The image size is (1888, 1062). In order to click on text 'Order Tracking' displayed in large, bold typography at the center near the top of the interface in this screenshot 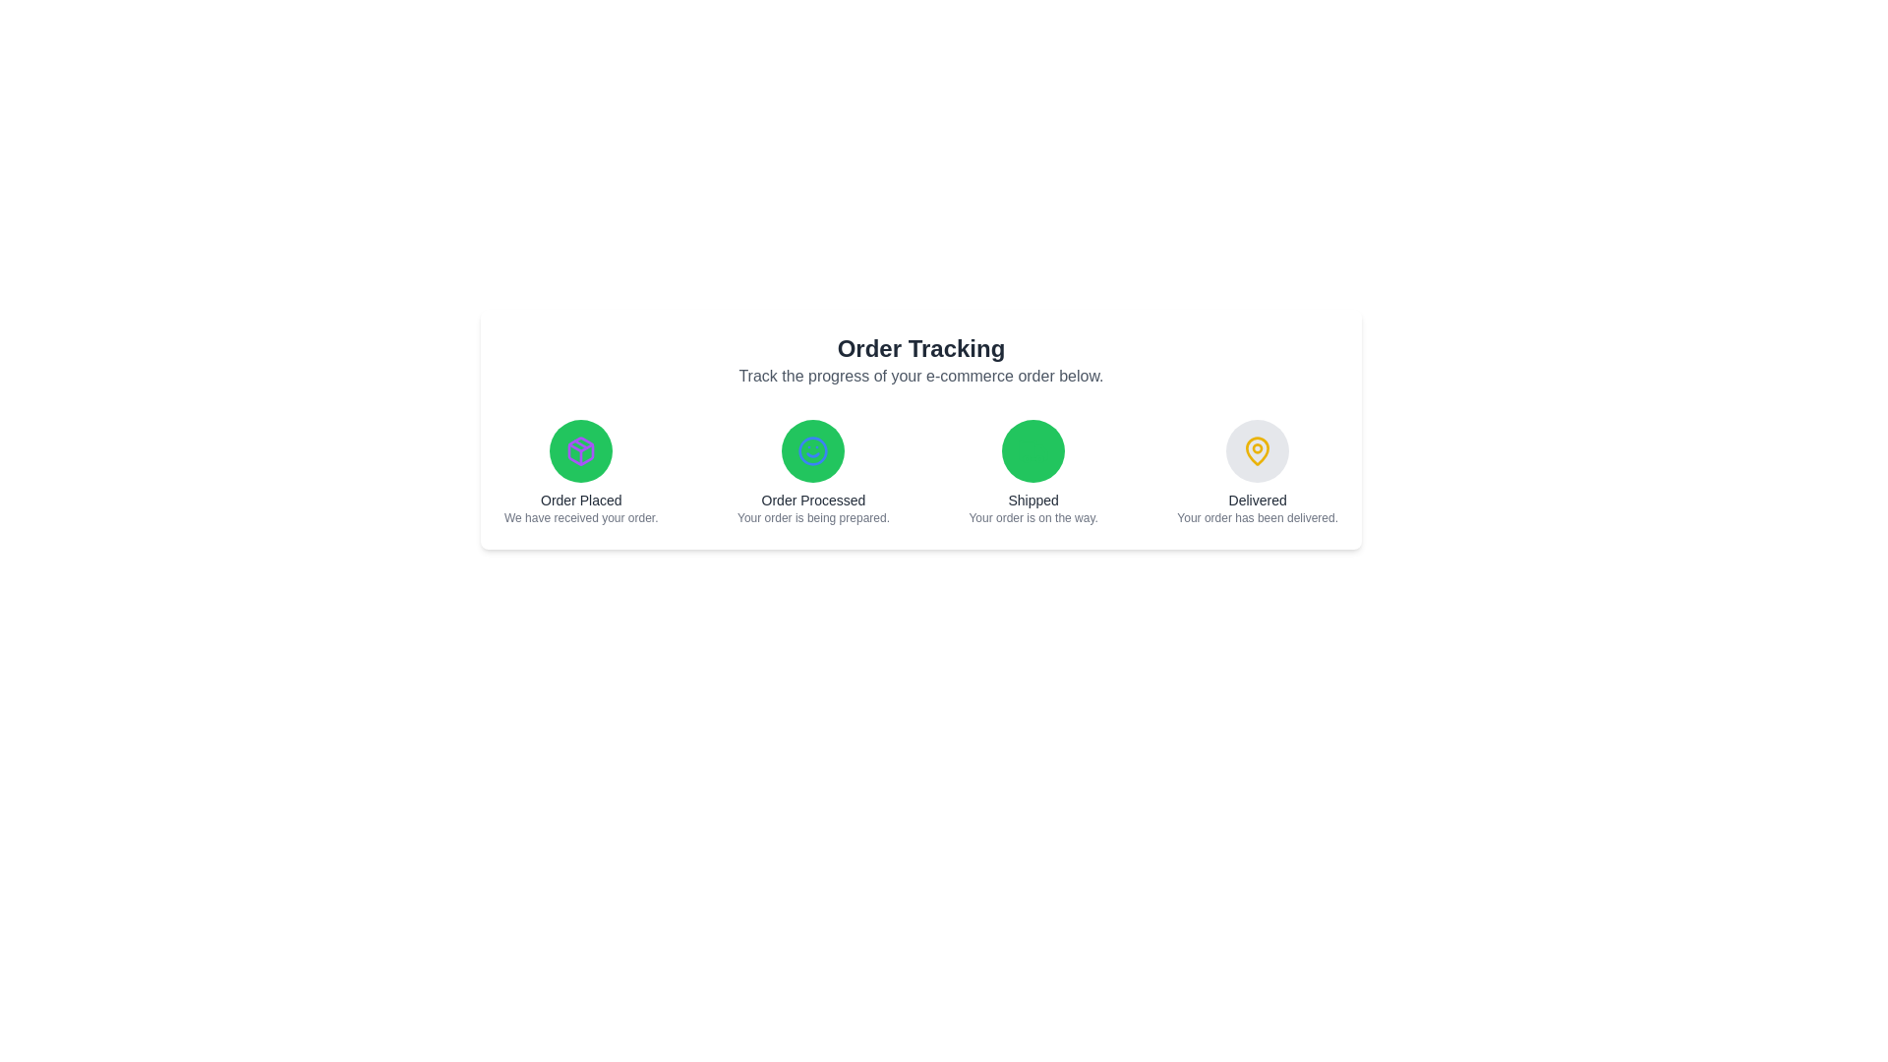, I will do `click(919, 347)`.